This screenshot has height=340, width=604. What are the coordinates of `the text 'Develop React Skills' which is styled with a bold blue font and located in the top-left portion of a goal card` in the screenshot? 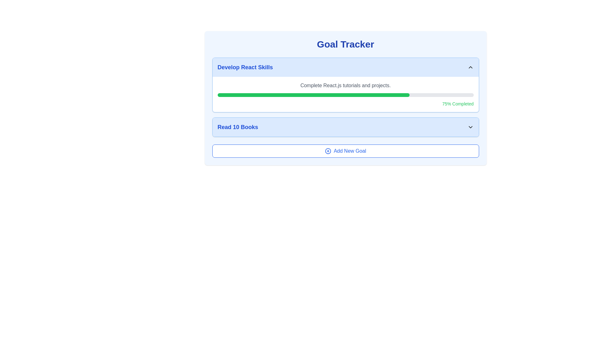 It's located at (245, 67).